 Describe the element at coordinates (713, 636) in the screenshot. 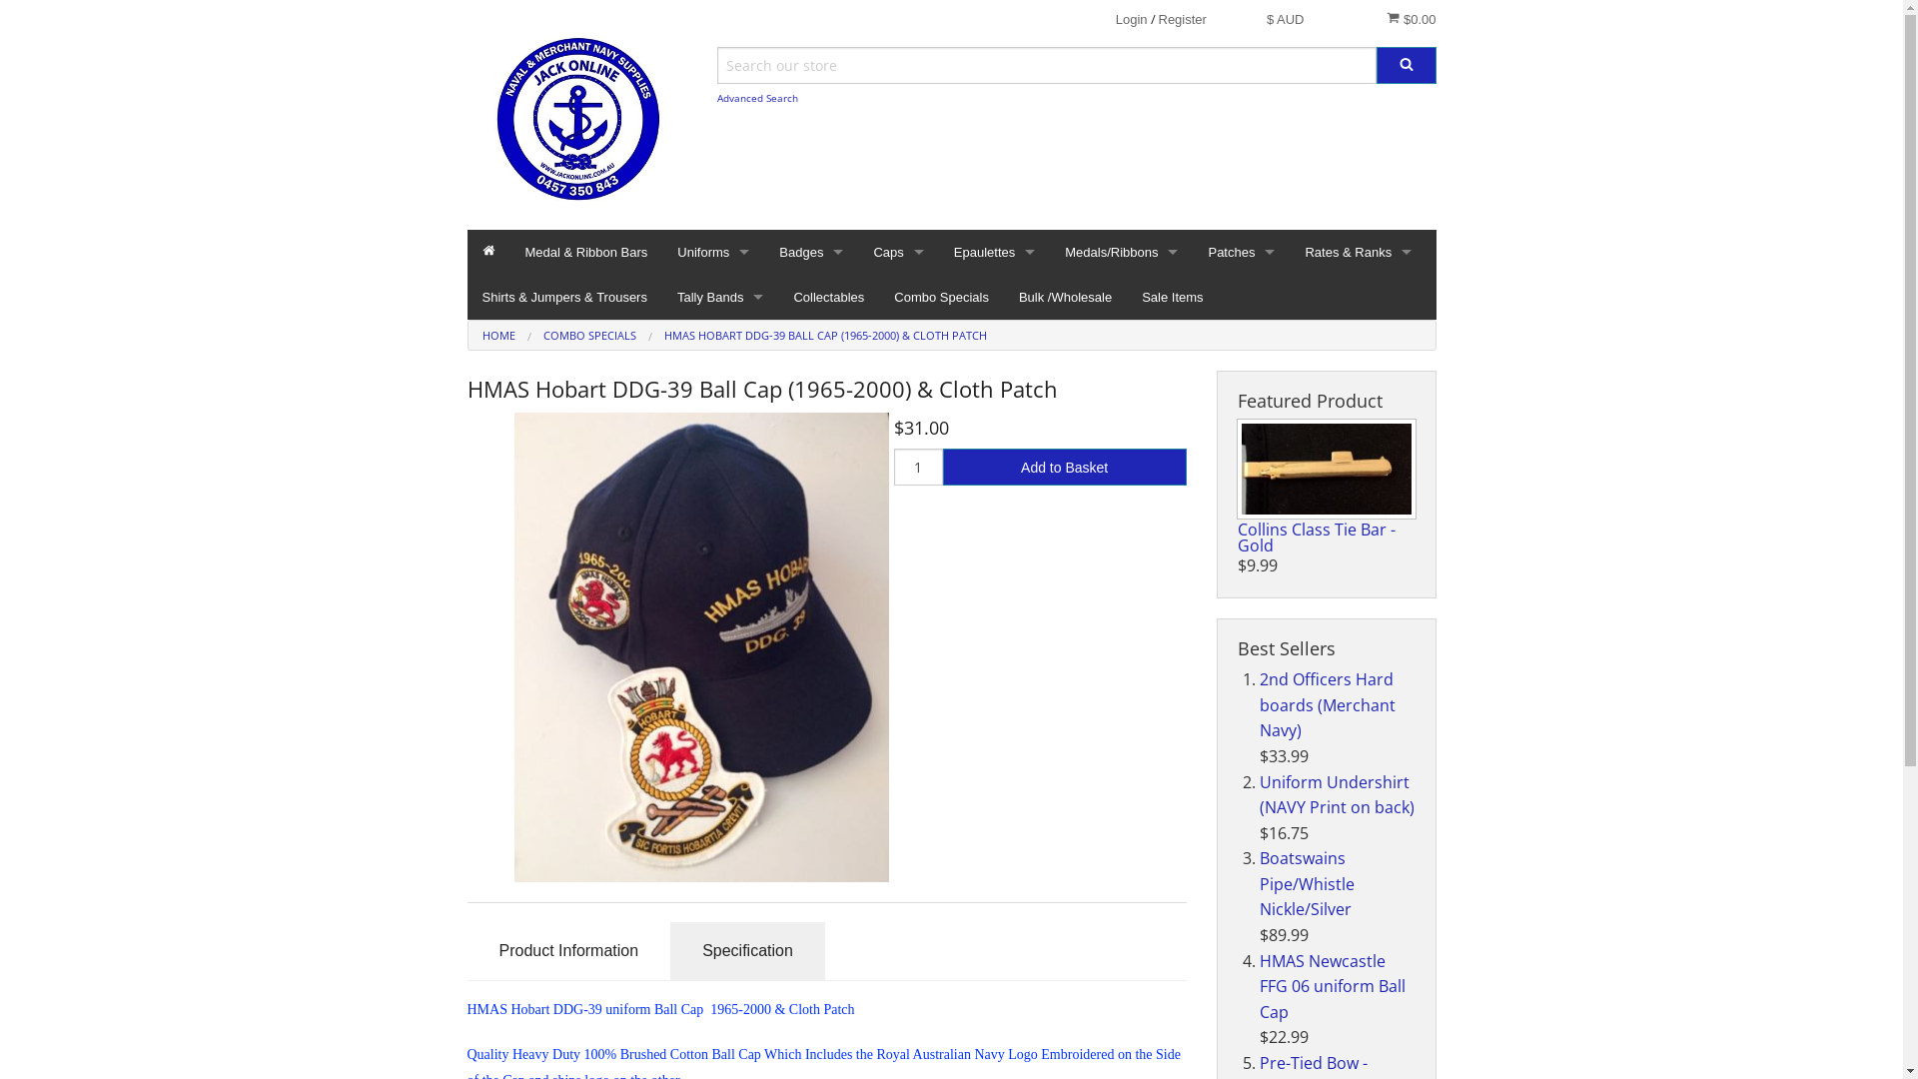

I see `'Tie-Pins/Bars'` at that location.